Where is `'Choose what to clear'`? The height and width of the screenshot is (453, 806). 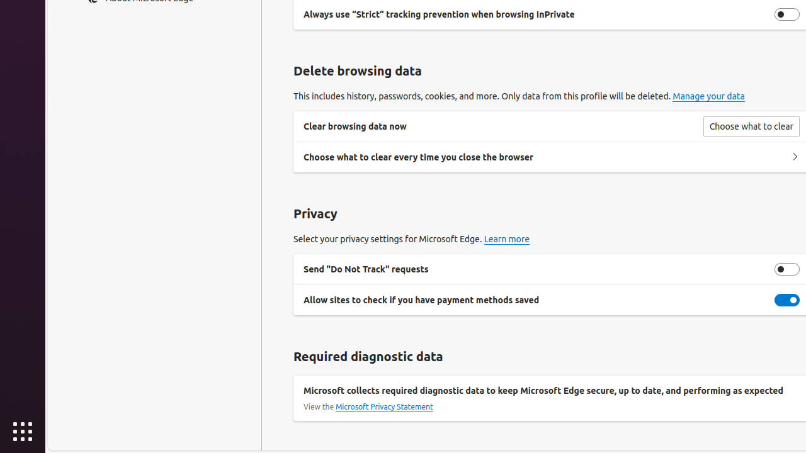 'Choose what to clear' is located at coordinates (751, 126).